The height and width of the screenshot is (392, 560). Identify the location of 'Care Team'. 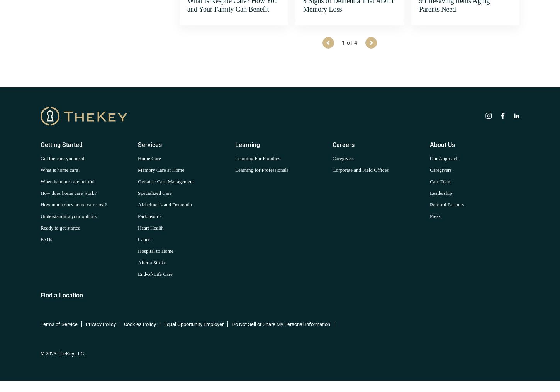
(440, 181).